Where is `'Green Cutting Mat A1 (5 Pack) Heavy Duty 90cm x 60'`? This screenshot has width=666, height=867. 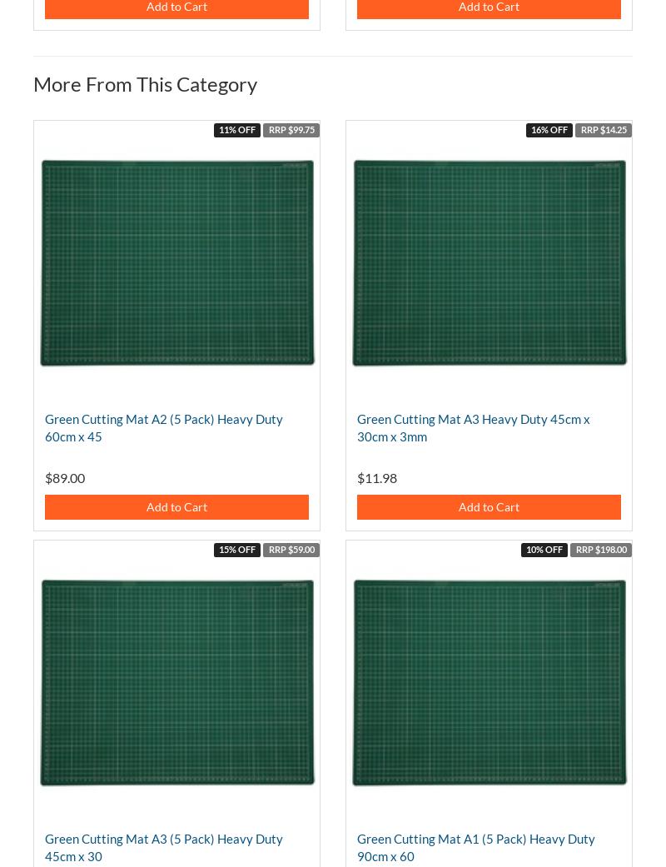
'Green Cutting Mat A1 (5 Pack) Heavy Duty 90cm x 60' is located at coordinates (475, 847).